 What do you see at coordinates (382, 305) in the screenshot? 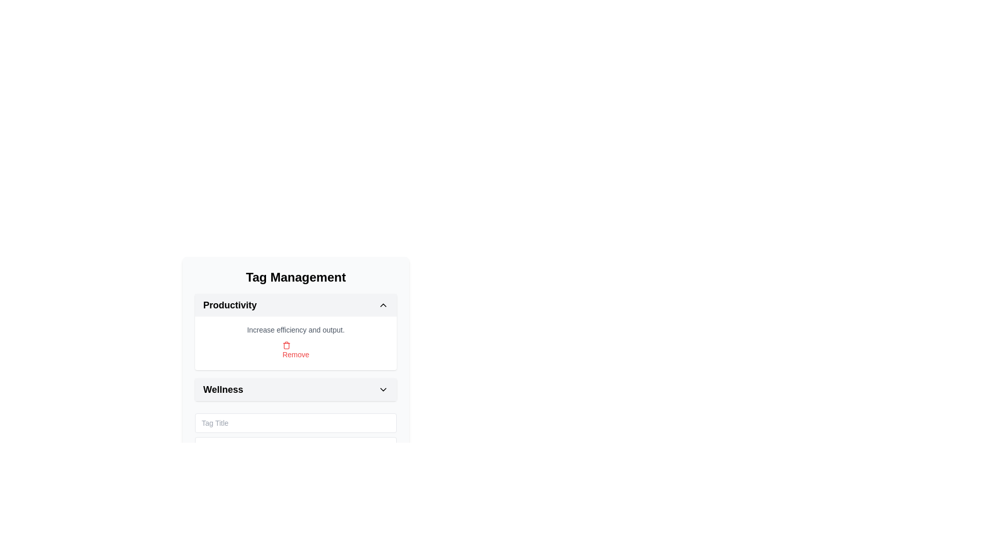
I see `the upward chevron icon button located at the right end of the 'Productivity' section` at bounding box center [382, 305].